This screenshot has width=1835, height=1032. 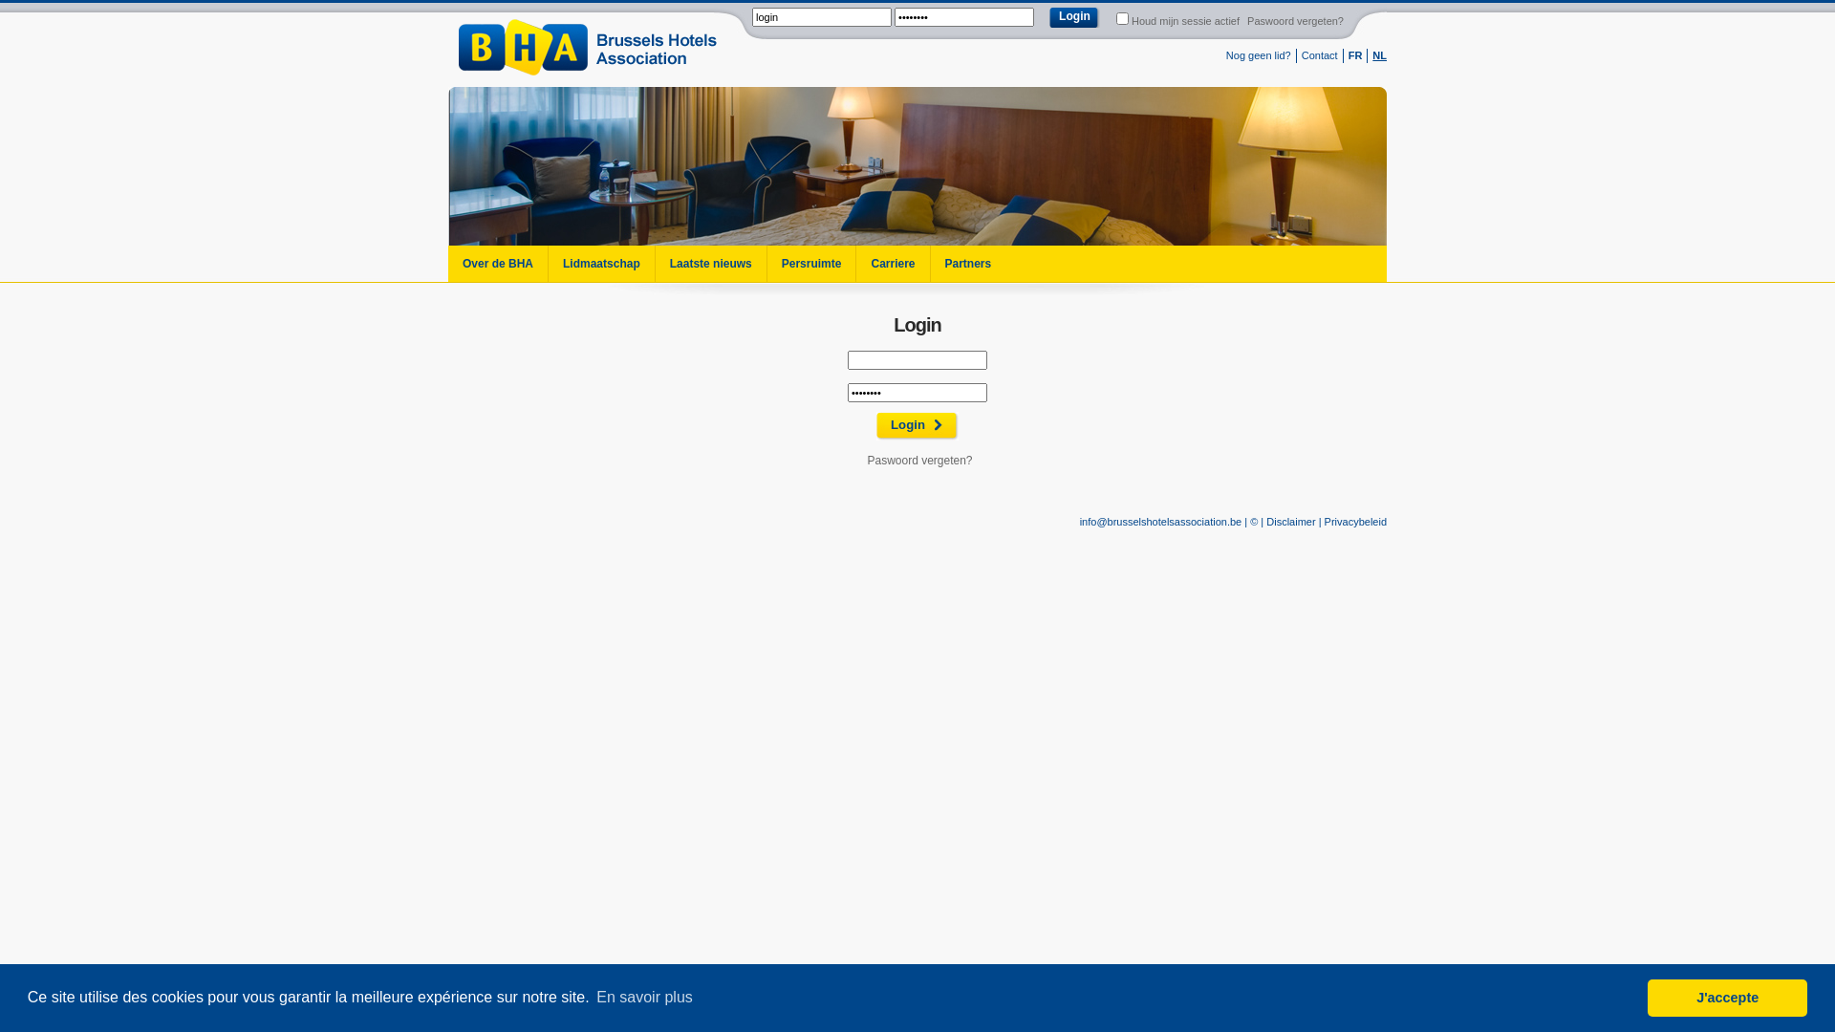 I want to click on 'J'accepte', so click(x=1646, y=997).